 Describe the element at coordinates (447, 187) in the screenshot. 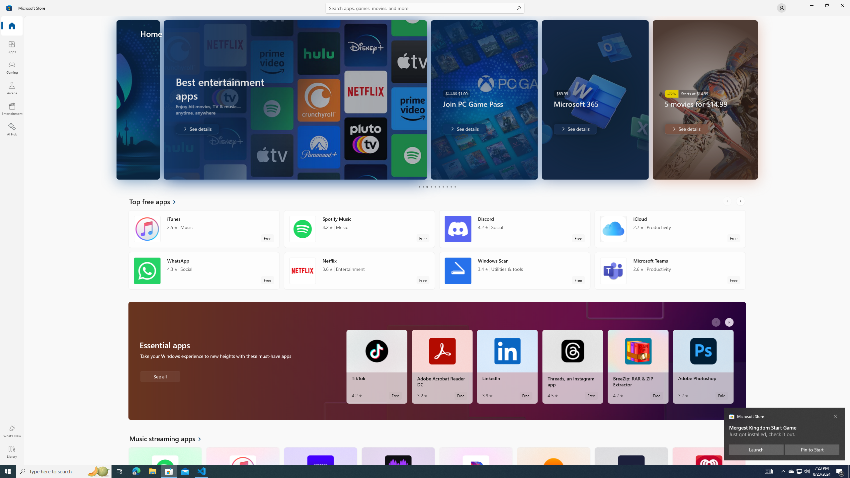

I see `'Page 8'` at that location.